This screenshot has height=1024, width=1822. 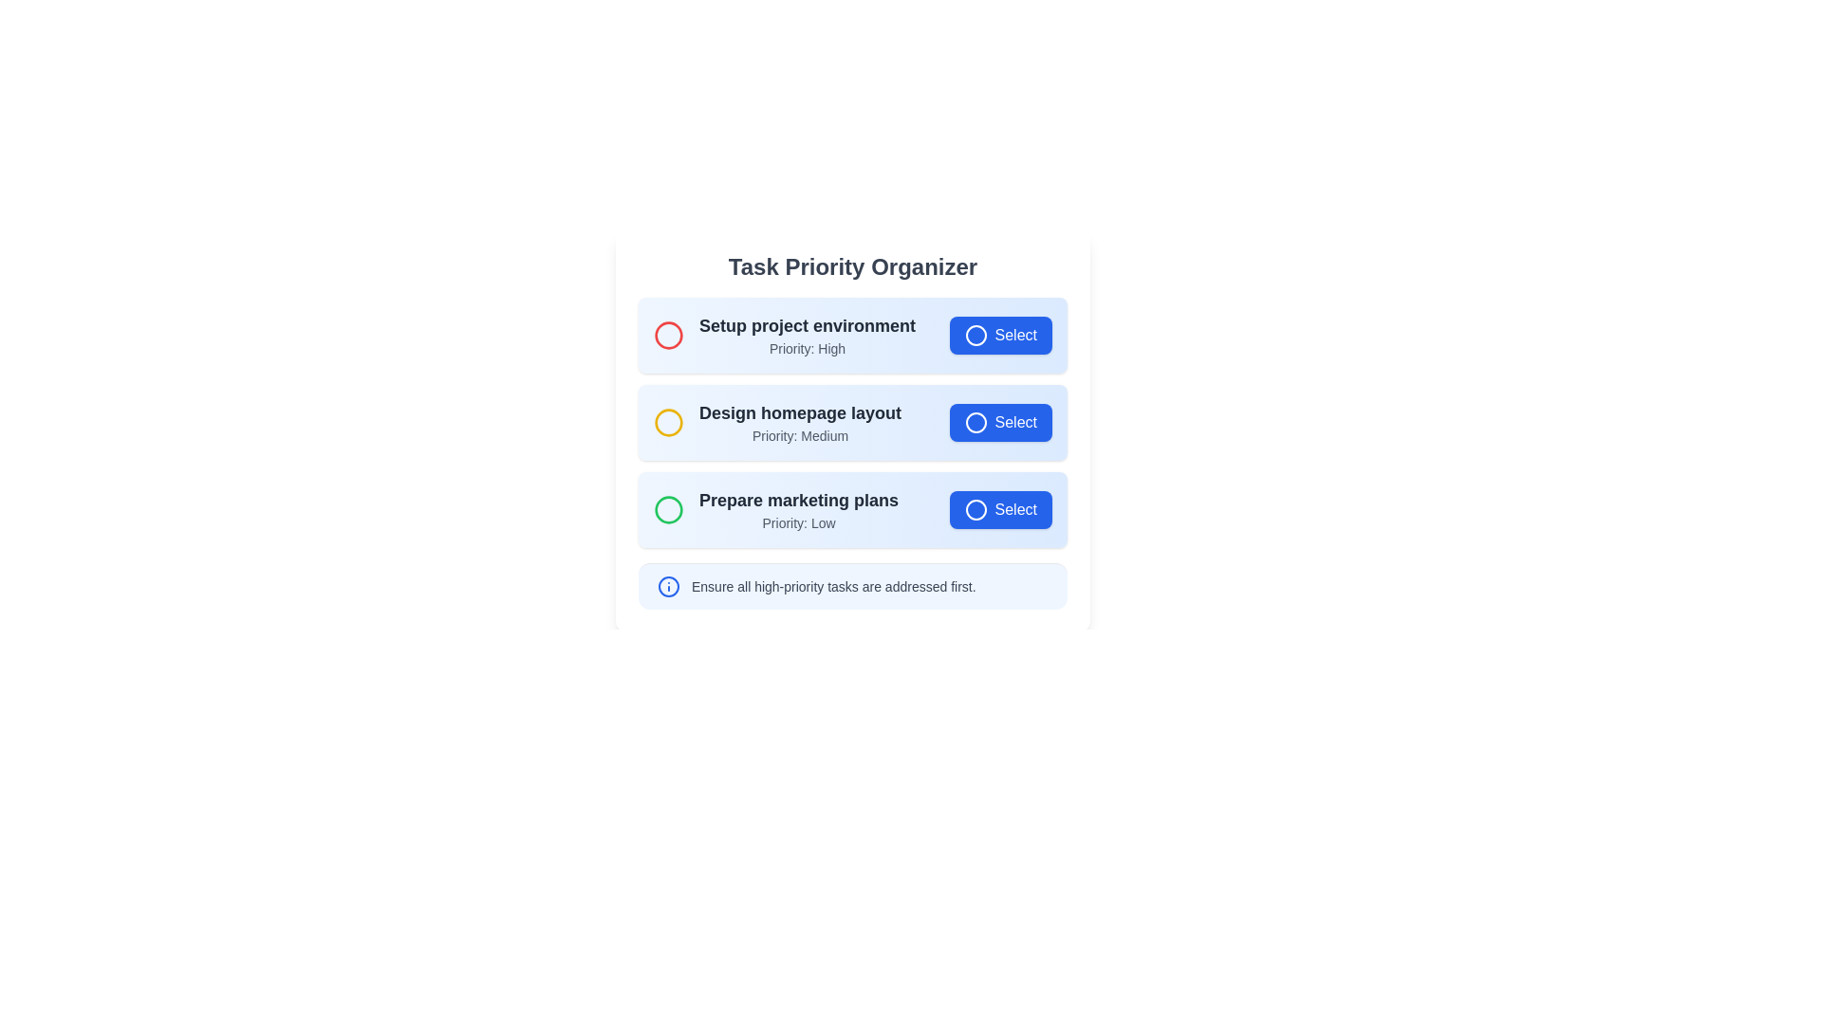 I want to click on the button positioned to the right of the text 'Setup project environment' and 'Priority: High', so click(x=999, y=335).